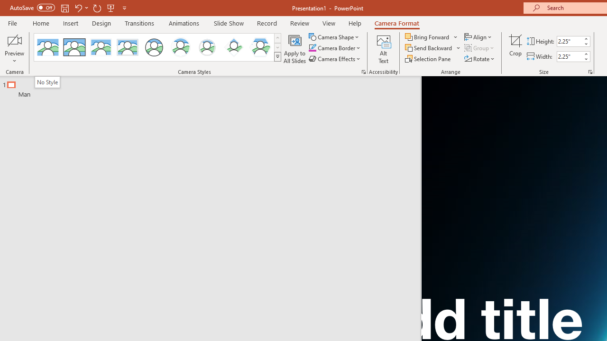 The height and width of the screenshot is (341, 607). Describe the element at coordinates (478, 36) in the screenshot. I see `'Align'` at that location.